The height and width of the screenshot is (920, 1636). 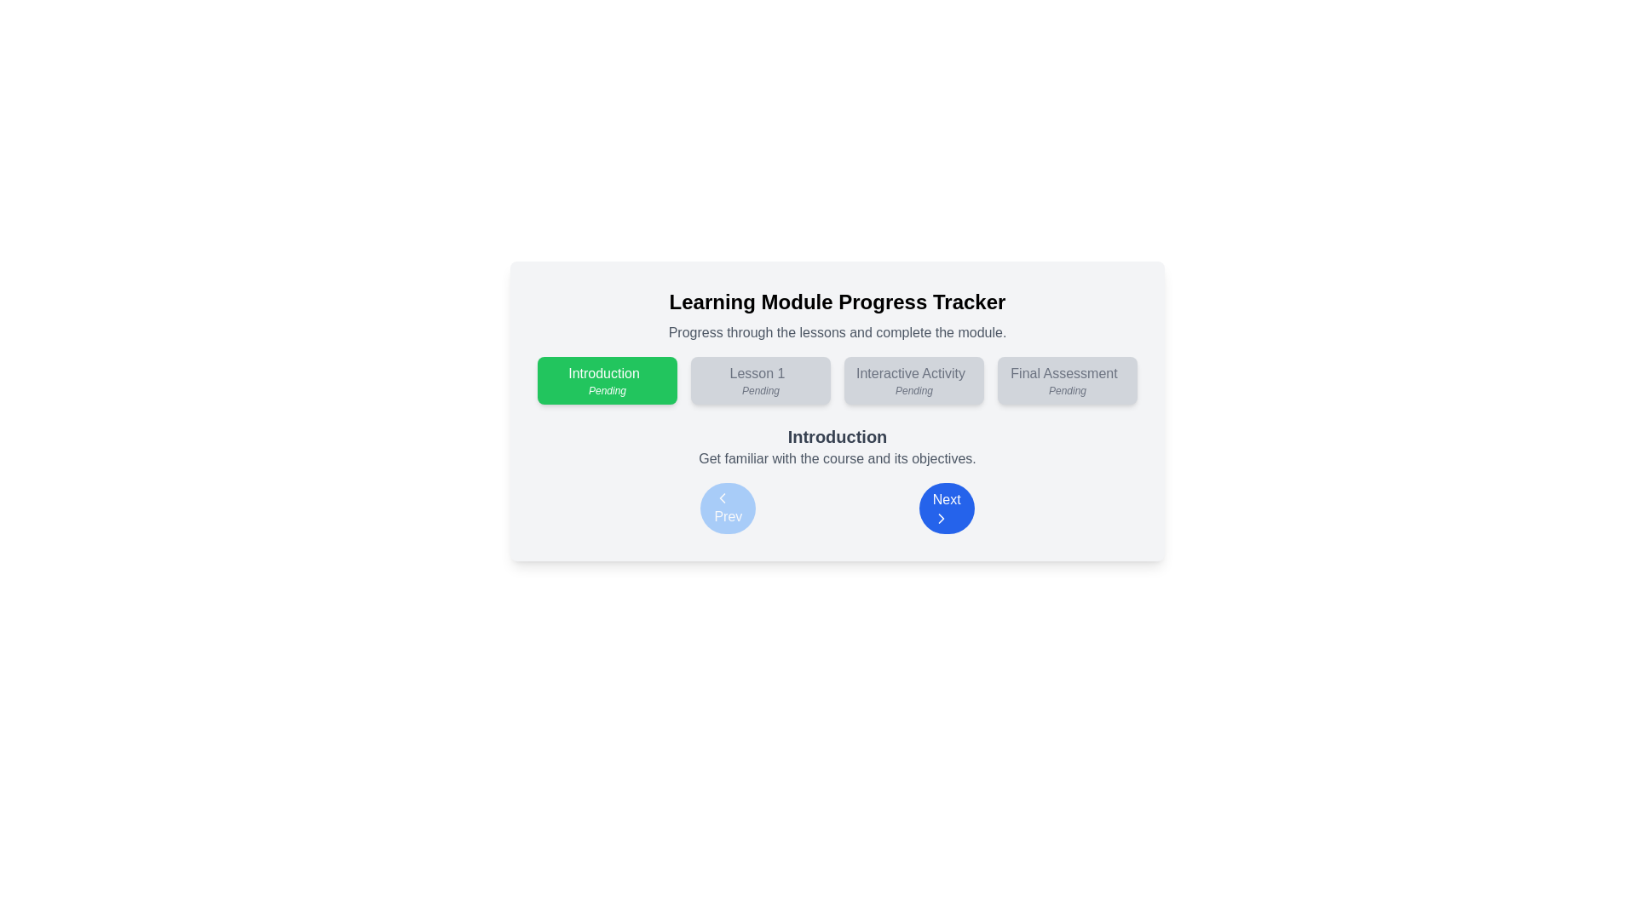 I want to click on the blue circular 'Next' button with an arrow icon located at the bottom-right of the interface, so click(x=940, y=518).